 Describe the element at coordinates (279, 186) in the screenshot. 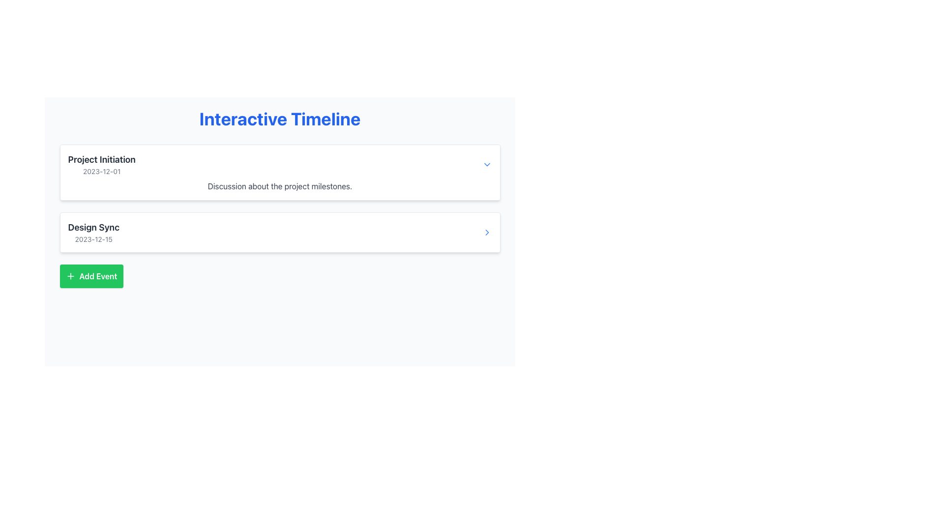

I see `the Text Label displaying 'Discussion about the project milestones.' which is located within the 'Project Initiation 2023-12-01' card interface` at that location.